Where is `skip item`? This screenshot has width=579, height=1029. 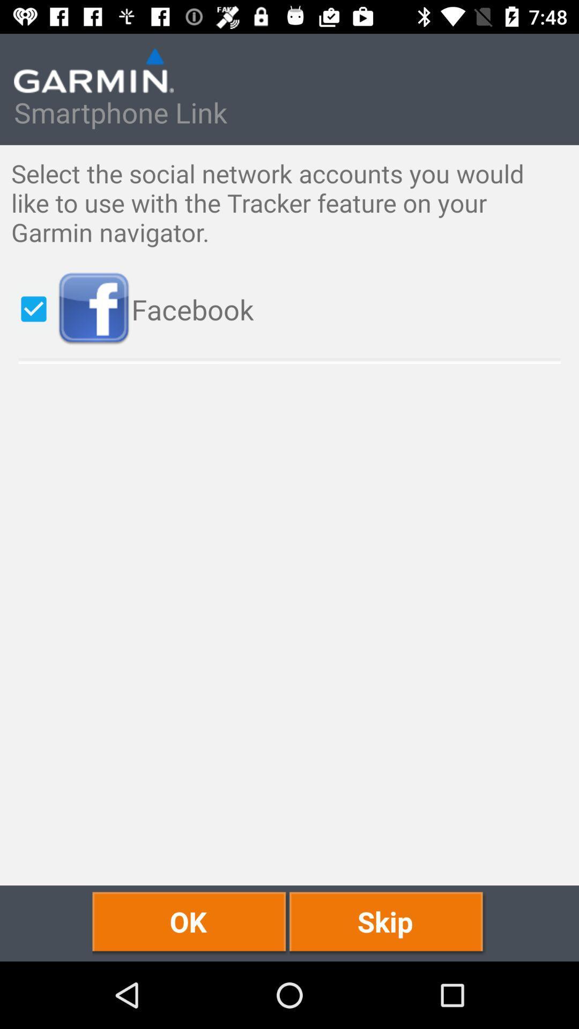 skip item is located at coordinates (388, 923).